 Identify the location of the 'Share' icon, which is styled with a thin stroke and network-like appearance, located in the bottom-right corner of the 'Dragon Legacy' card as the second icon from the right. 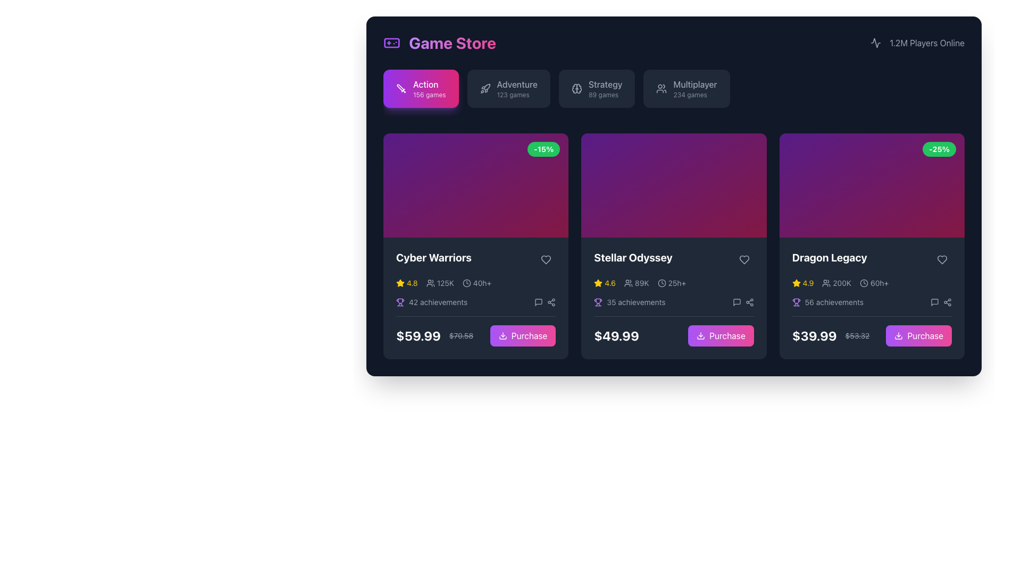
(749, 302).